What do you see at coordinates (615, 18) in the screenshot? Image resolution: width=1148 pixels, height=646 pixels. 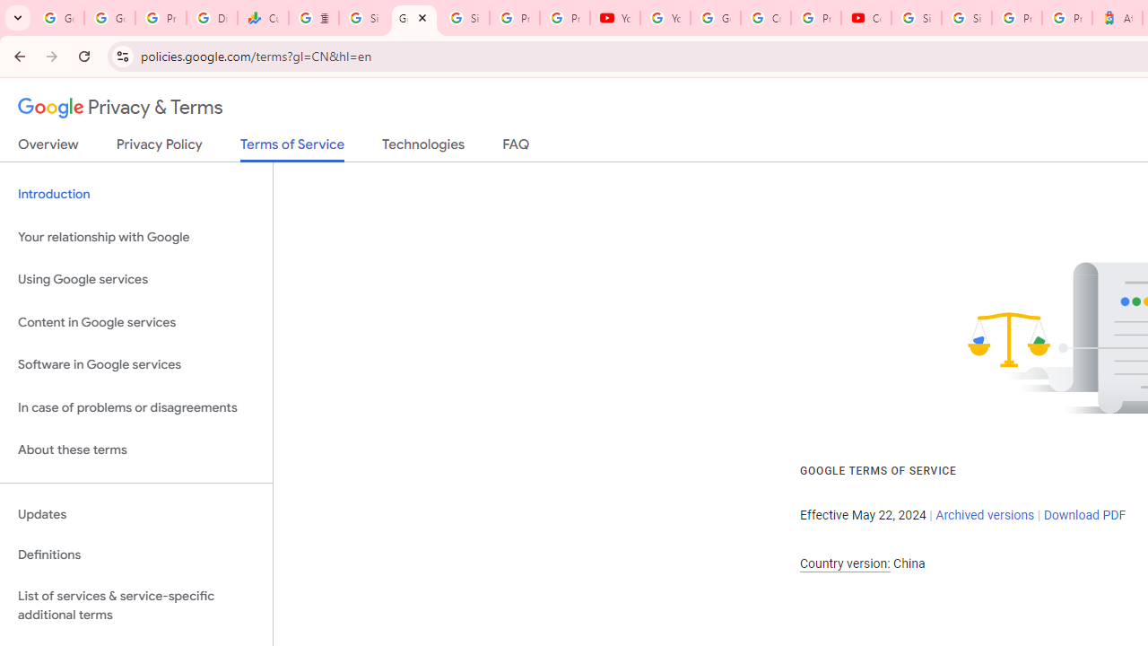 I see `'YouTube'` at bounding box center [615, 18].